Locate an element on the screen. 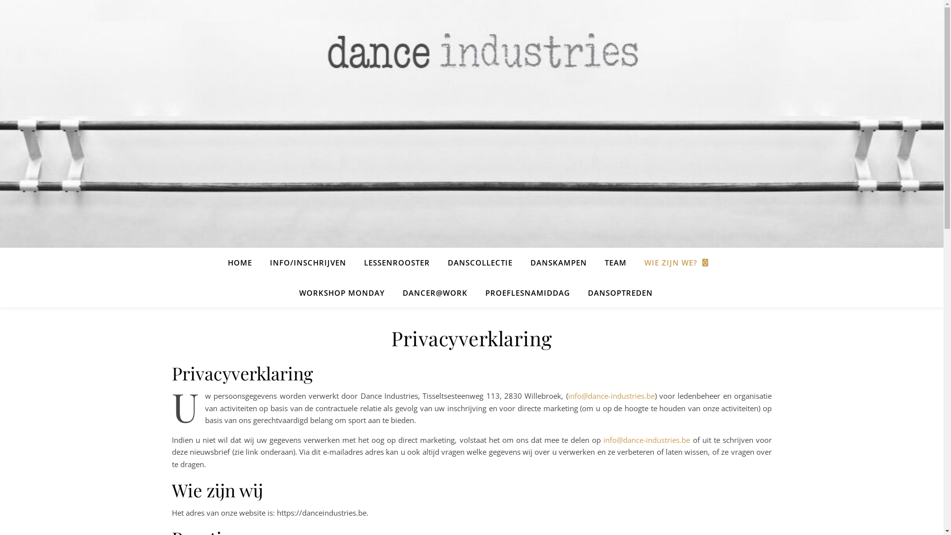 This screenshot has height=535, width=951. 'HOME' is located at coordinates (244, 262).